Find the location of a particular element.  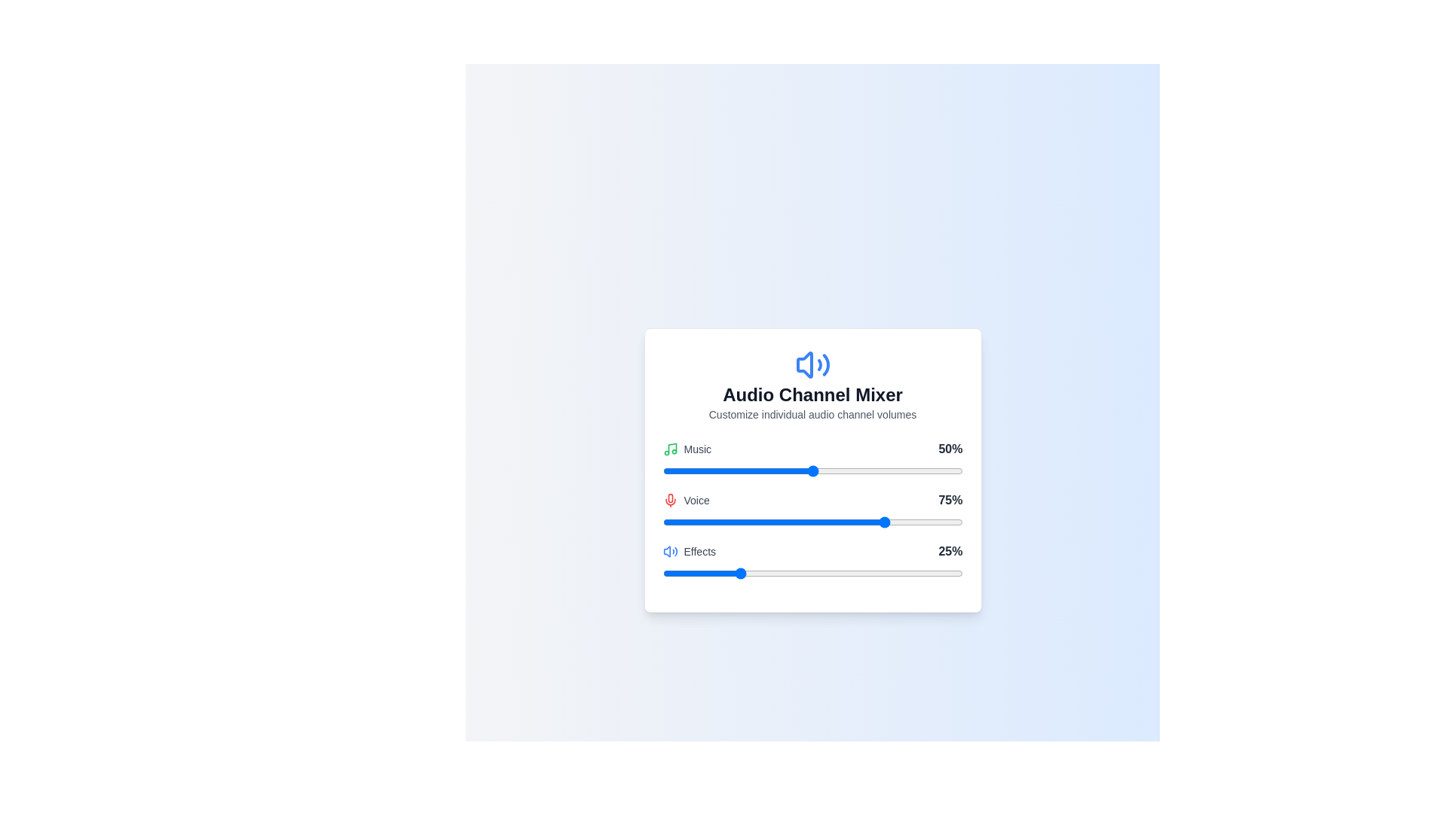

effects volume is located at coordinates (668, 574).